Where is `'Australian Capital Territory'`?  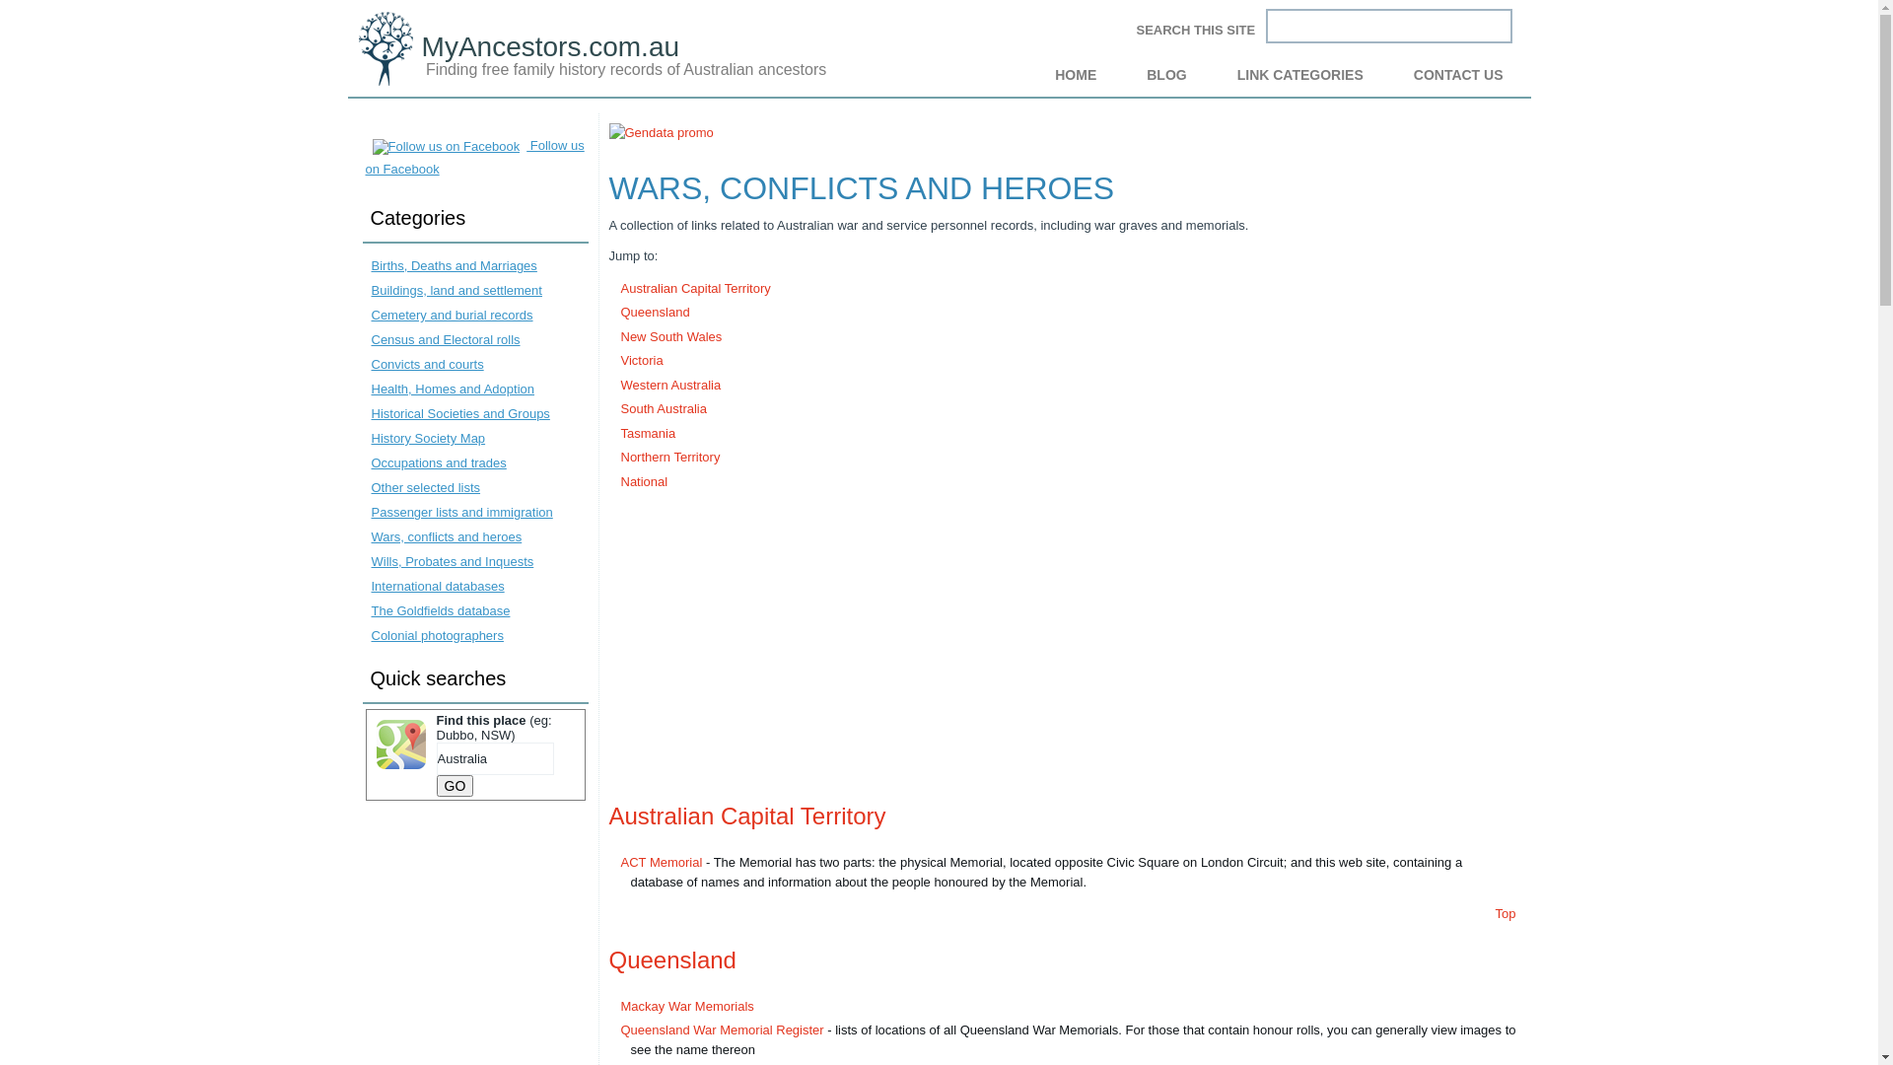
'Australian Capital Territory' is located at coordinates (695, 287).